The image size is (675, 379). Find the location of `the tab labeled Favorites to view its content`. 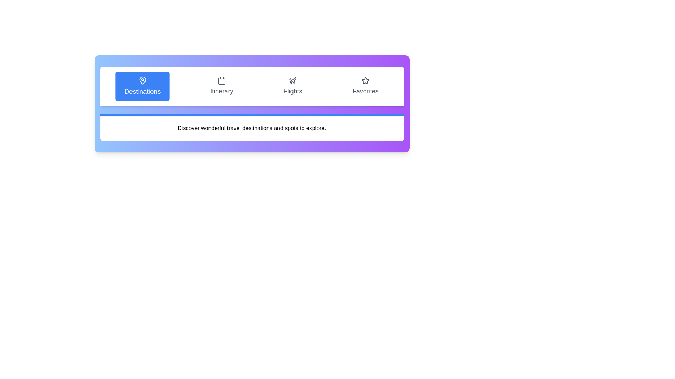

the tab labeled Favorites to view its content is located at coordinates (365, 86).